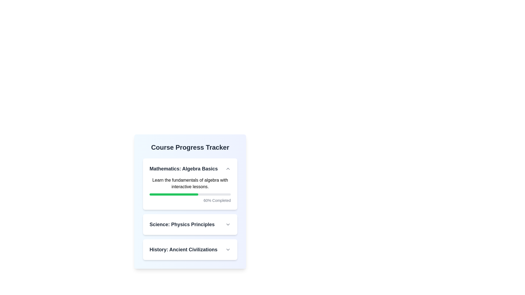  Describe the element at coordinates (190, 250) in the screenshot. I see `the collapsible header for the 'History: Ancient Civilizations' course content to trigger a tooltip or highlight effect` at that location.